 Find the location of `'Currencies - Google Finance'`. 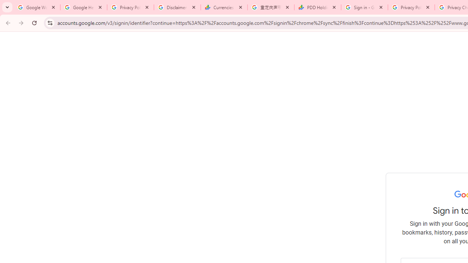

'Currencies - Google Finance' is located at coordinates (224, 7).